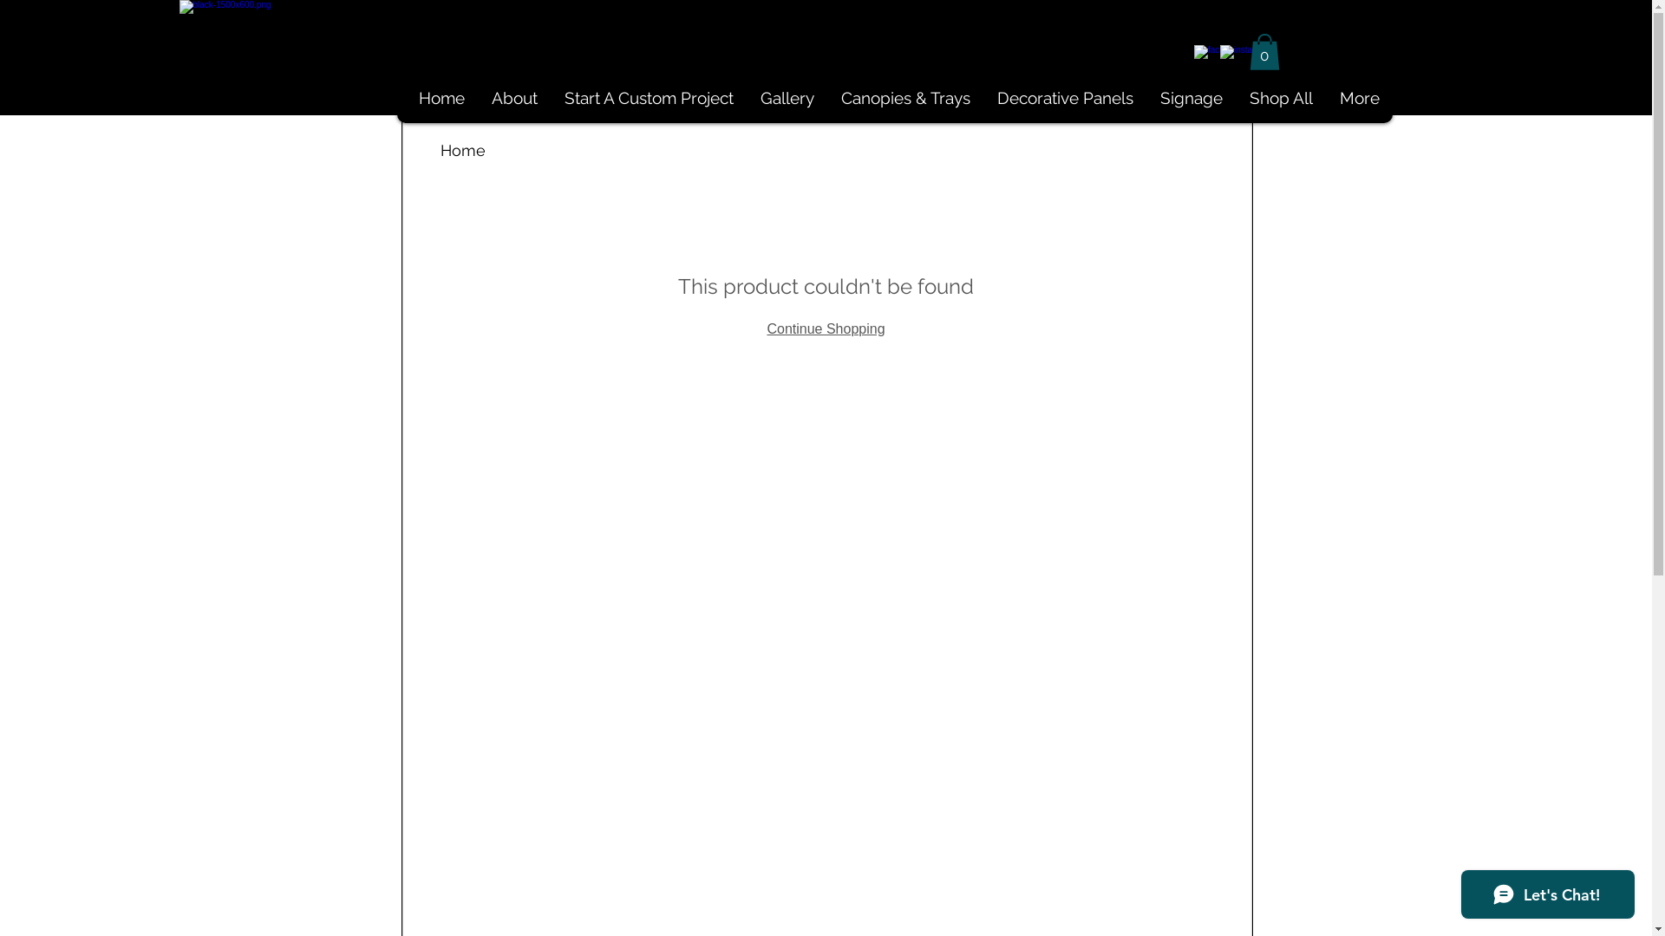 Image resolution: width=1665 pixels, height=936 pixels. I want to click on 'Canopies & Trays', so click(904, 98).